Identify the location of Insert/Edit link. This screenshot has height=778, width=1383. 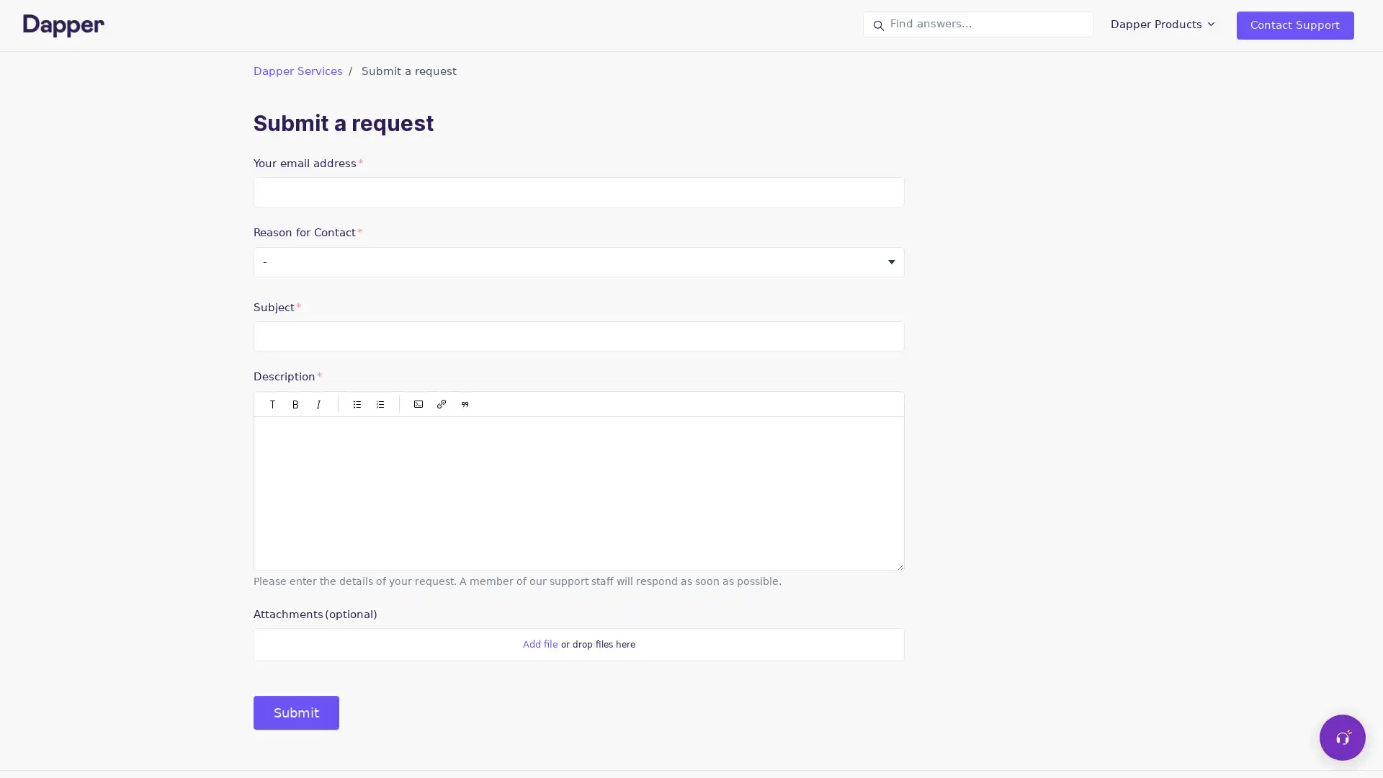
(441, 403).